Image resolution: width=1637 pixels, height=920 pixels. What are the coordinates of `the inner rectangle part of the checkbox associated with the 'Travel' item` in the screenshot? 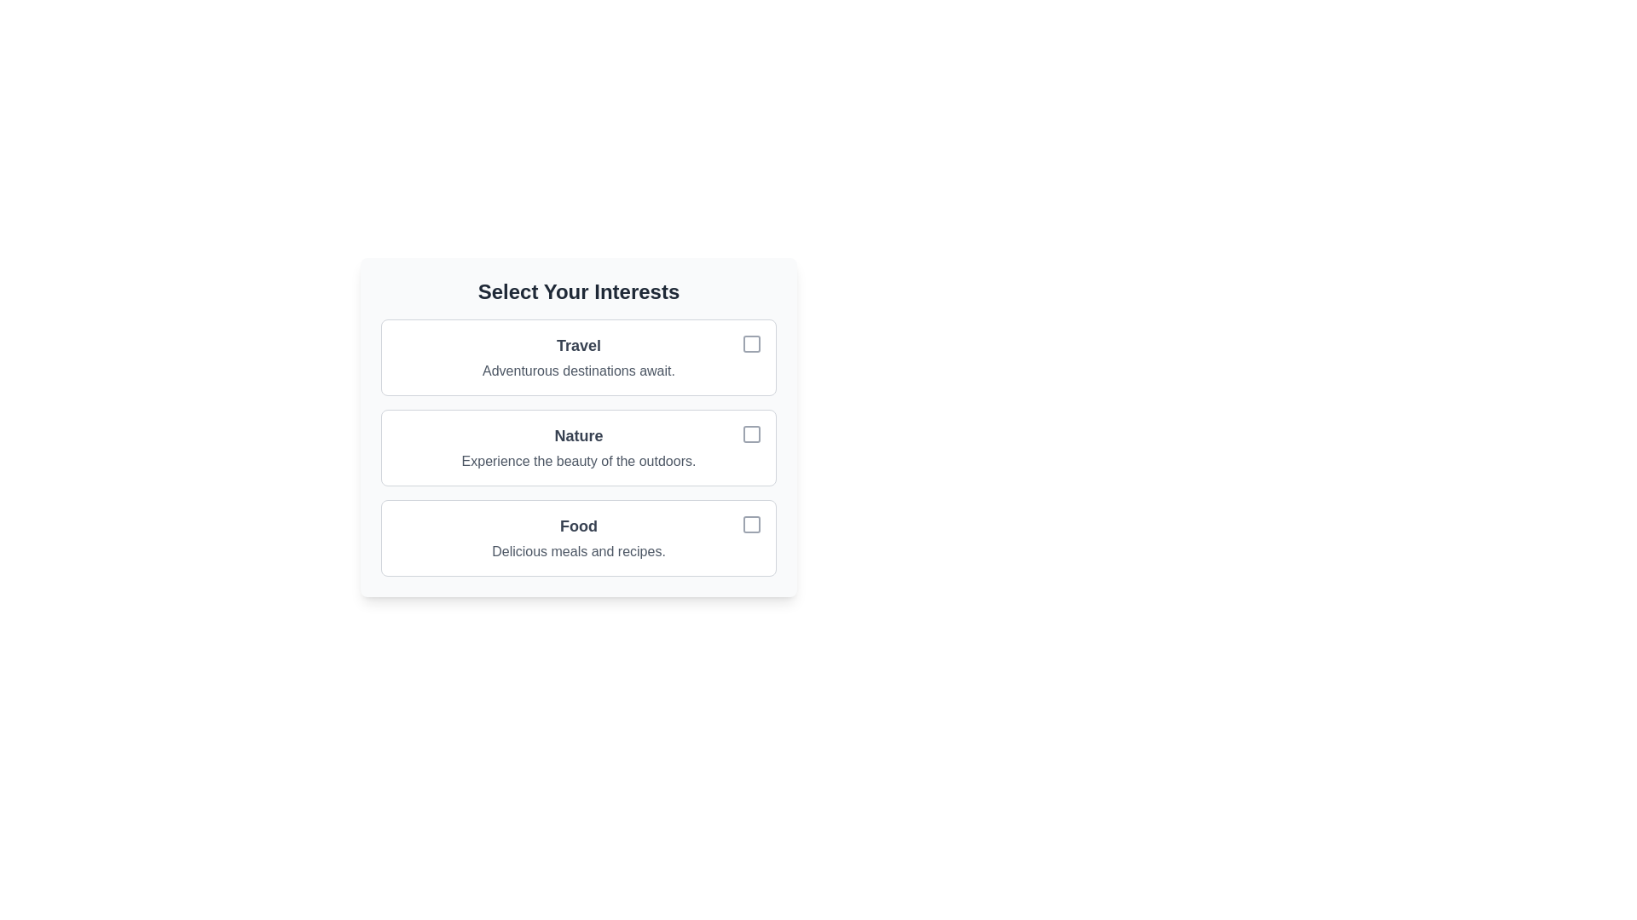 It's located at (751, 344).